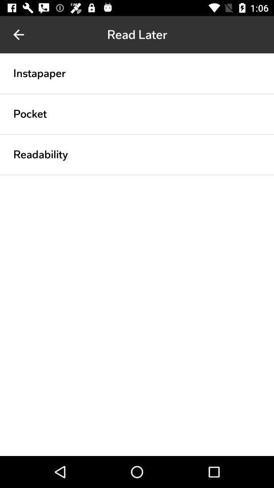  Describe the element at coordinates (137, 134) in the screenshot. I see `icon above readability icon` at that location.